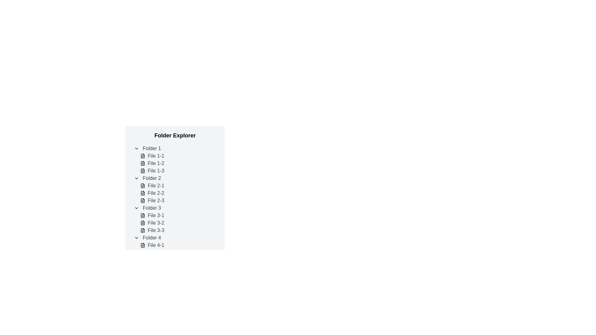 This screenshot has height=335, width=596. I want to click on the text label displaying 'File 3-1', so click(156, 215).